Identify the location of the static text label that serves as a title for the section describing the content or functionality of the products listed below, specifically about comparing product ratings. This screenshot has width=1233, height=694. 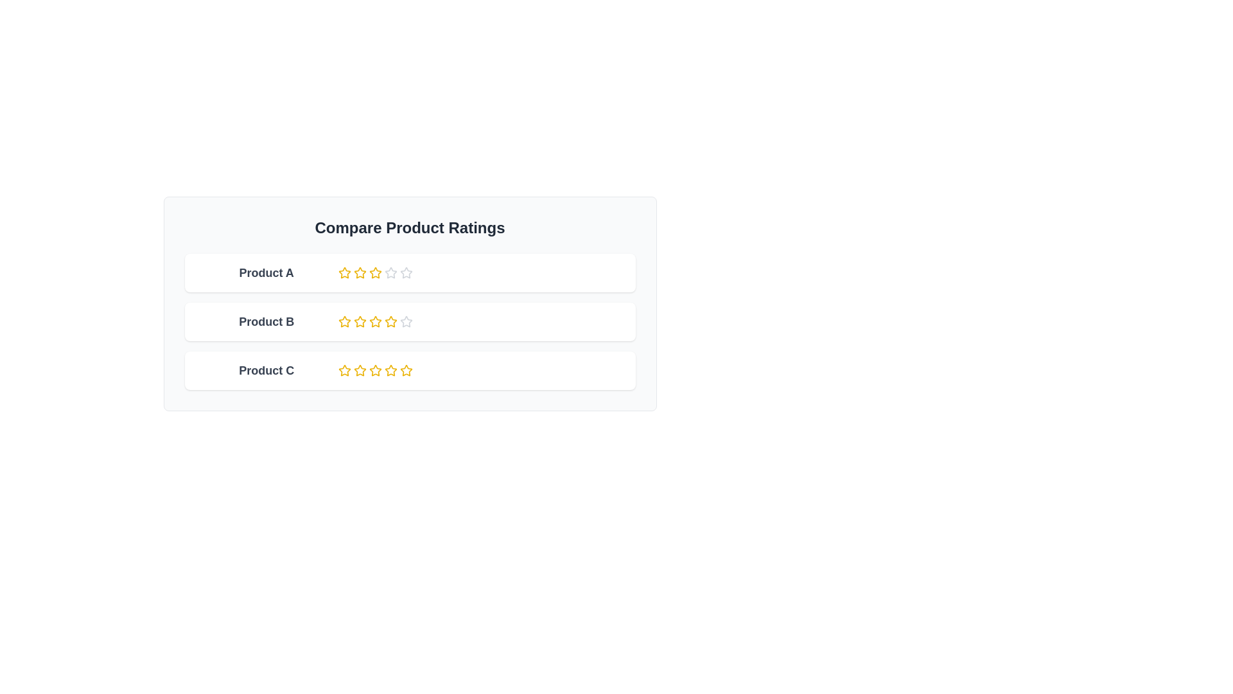
(409, 227).